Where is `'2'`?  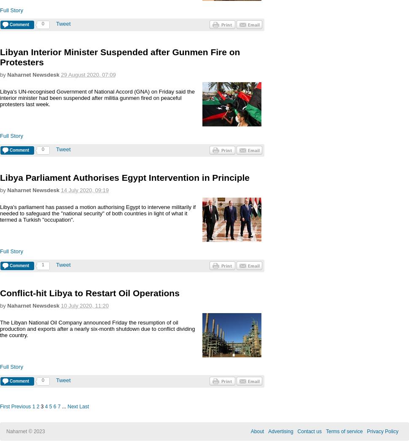 '2' is located at coordinates (37, 406).